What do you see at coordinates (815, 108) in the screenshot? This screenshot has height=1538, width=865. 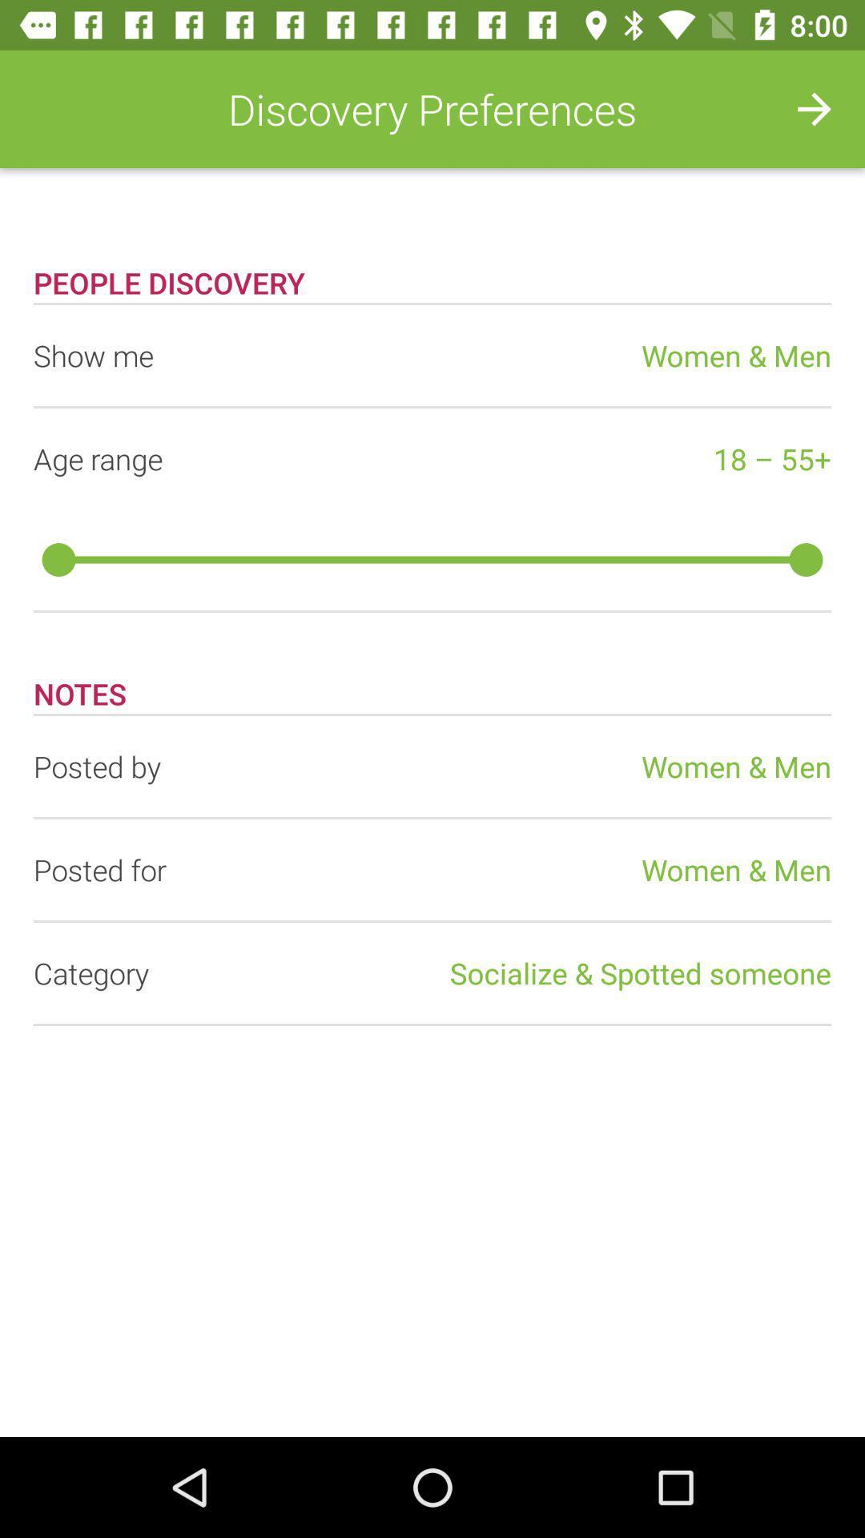 I see `item next to the discovery preferences item` at bounding box center [815, 108].